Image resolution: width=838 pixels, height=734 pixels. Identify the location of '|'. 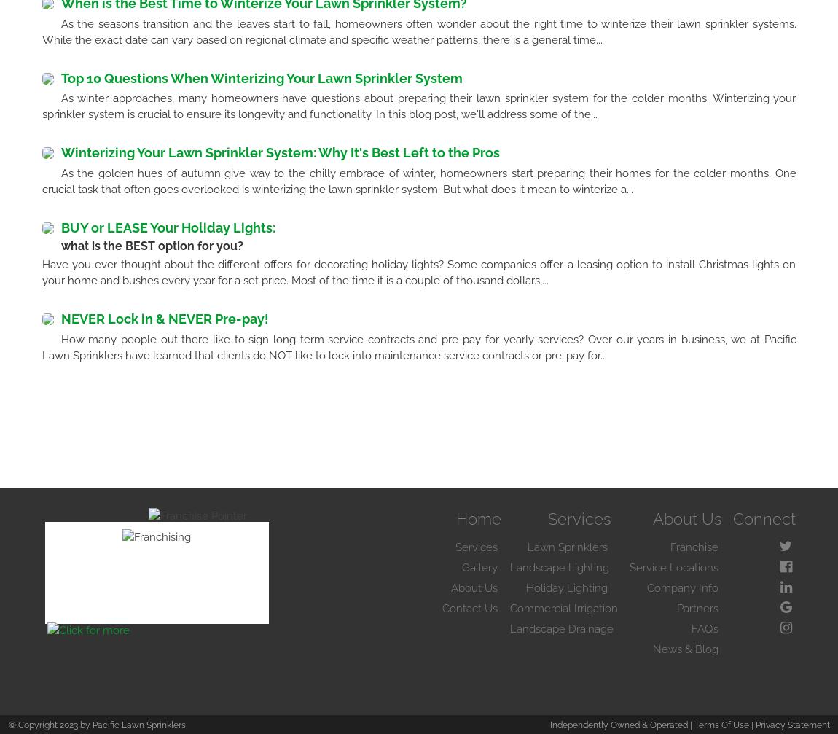
(748, 724).